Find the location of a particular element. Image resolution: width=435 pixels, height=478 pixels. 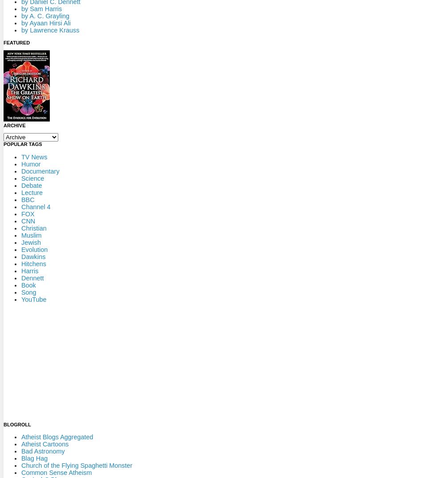

'Debate' is located at coordinates (32, 185).